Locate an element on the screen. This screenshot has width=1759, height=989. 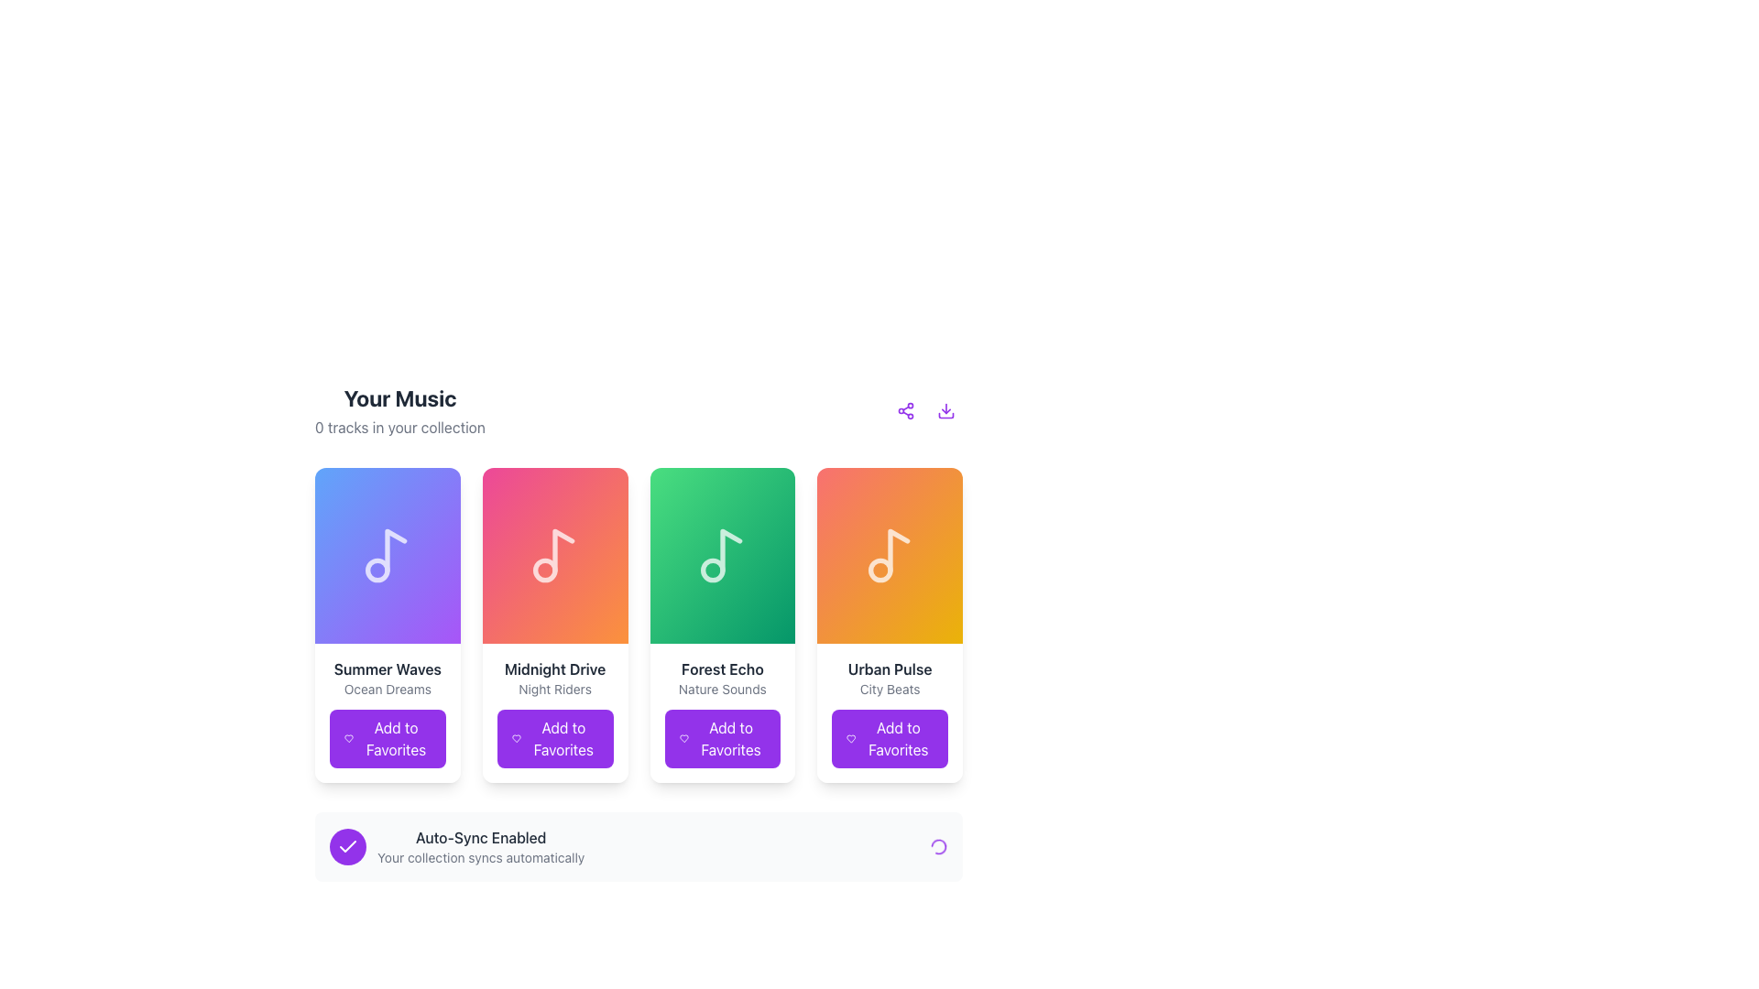
the 'Nature Sounds' text label, which is the second textual component in the third card of a horizontally arranged grid, located below 'Forest Echo' and above the 'Add to Favorites' button is located at coordinates (721, 689).